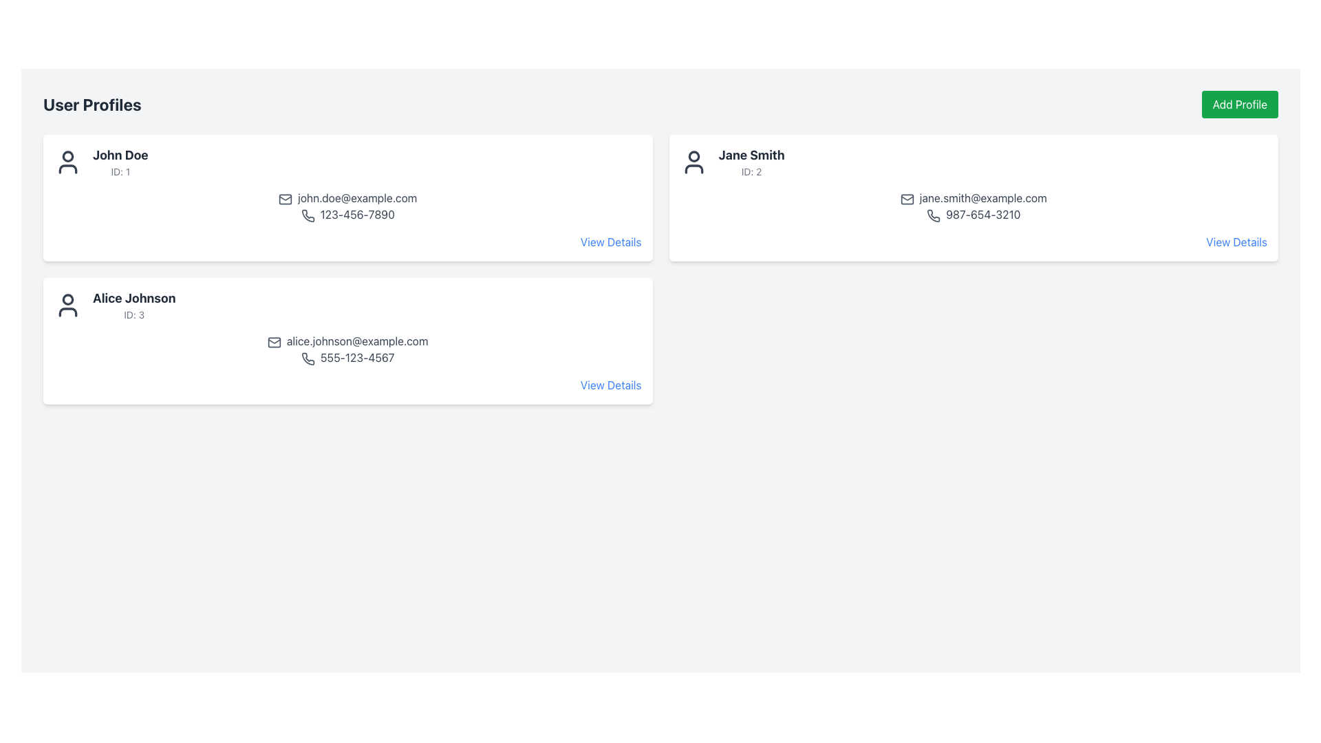  Describe the element at coordinates (610, 241) in the screenshot. I see `the 'View Details' hyperlink in blue color with an underline, located in the lower right section of Alice Johnson's profile card` at that location.